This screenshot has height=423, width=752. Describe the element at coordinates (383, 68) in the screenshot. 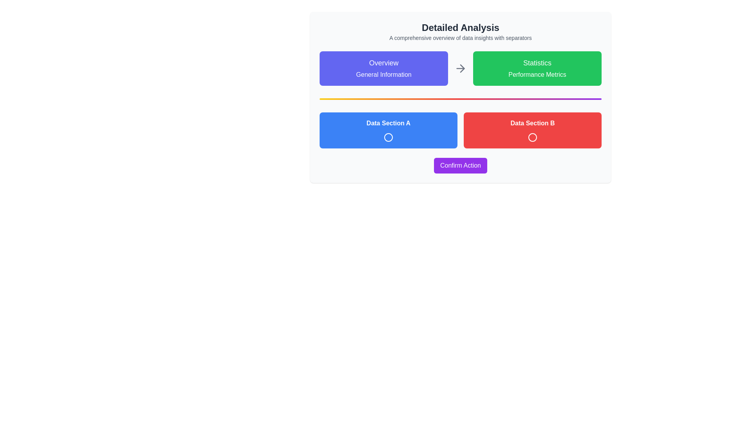

I see `the blue button labeled 'Overview' with 'General Information' text` at that location.